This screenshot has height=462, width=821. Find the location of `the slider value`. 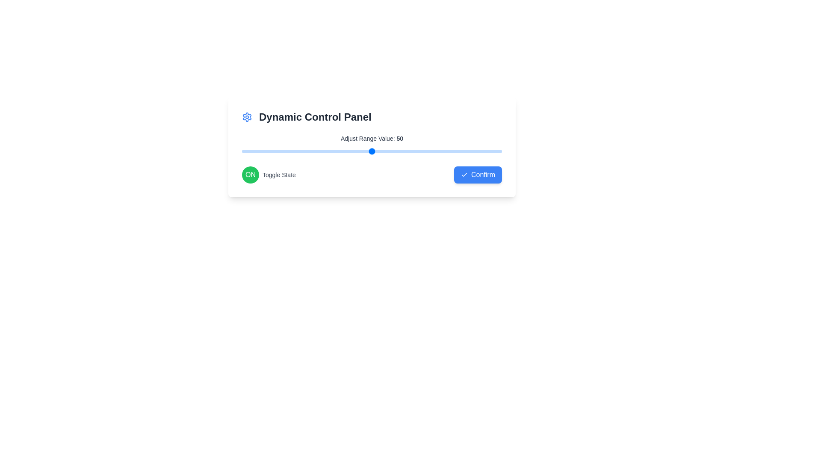

the slider value is located at coordinates (366, 151).